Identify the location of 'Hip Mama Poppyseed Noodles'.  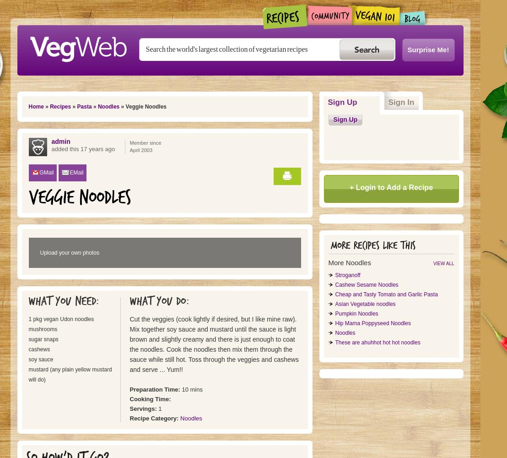
(372, 323).